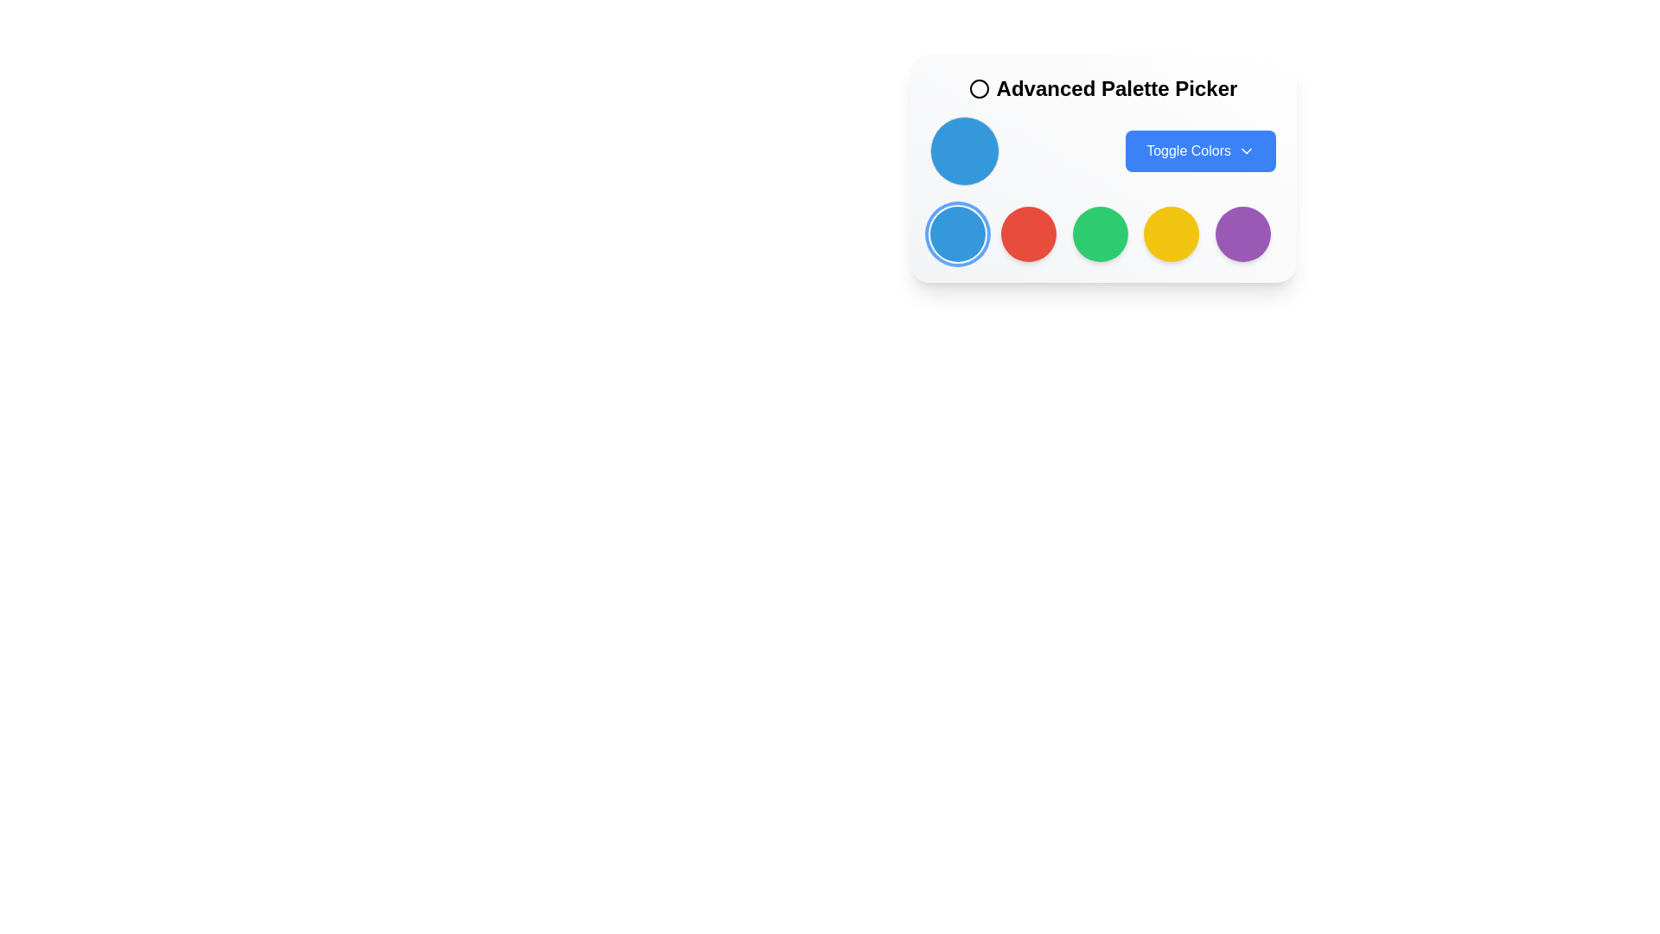 The width and height of the screenshot is (1660, 934). What do you see at coordinates (1200, 150) in the screenshot?
I see `the color options toggle button located to the right of the circular color indicator in the advanced palette picker interface` at bounding box center [1200, 150].